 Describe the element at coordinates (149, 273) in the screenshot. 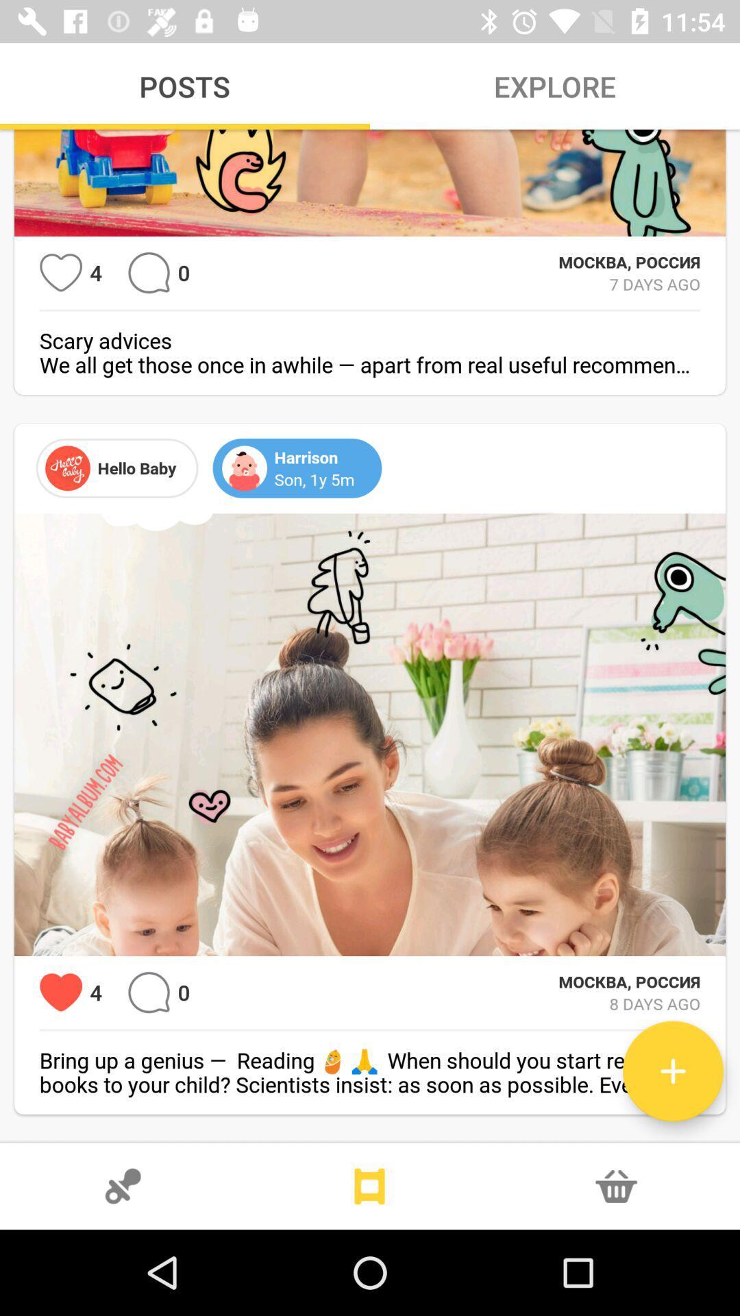

I see `comment` at that location.